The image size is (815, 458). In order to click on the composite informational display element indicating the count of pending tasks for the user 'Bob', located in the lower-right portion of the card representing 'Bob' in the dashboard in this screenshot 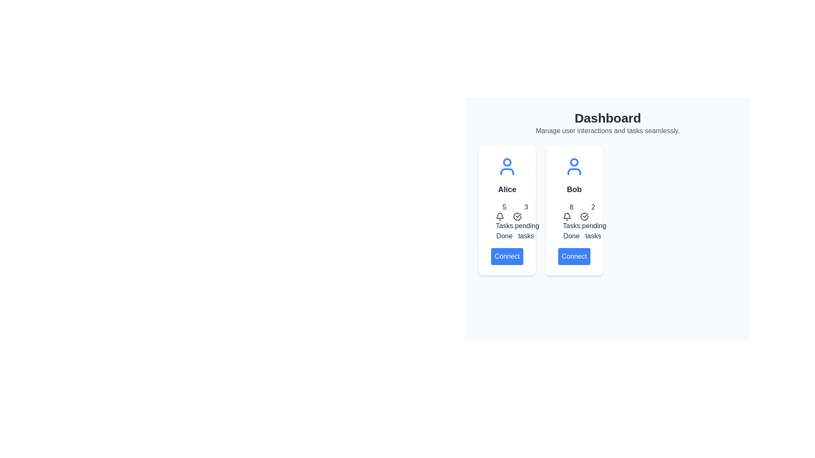, I will do `click(593, 221)`.